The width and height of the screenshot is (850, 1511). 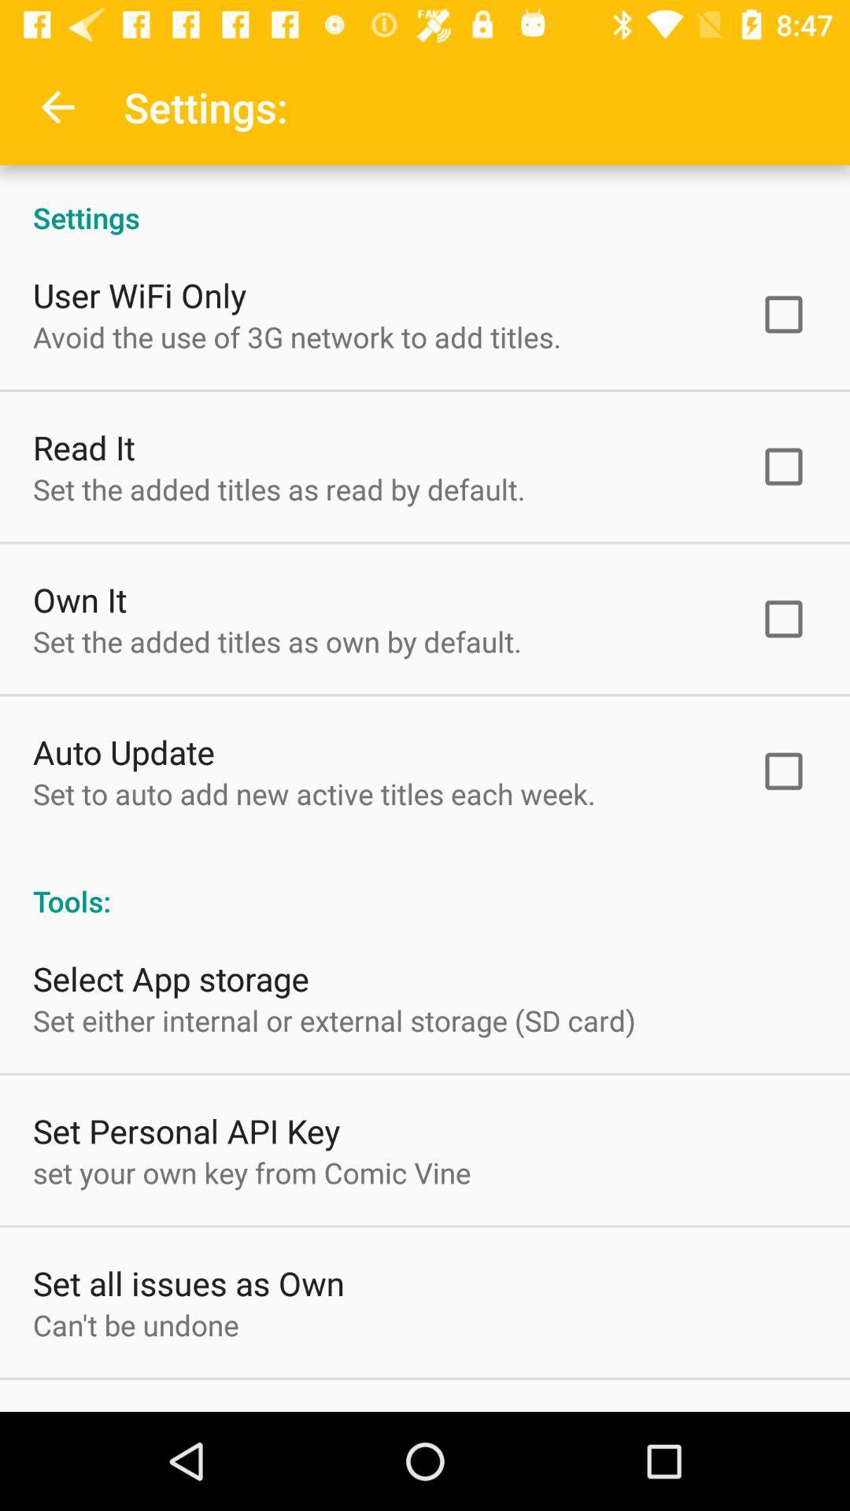 I want to click on user wifi only icon, so click(x=139, y=294).